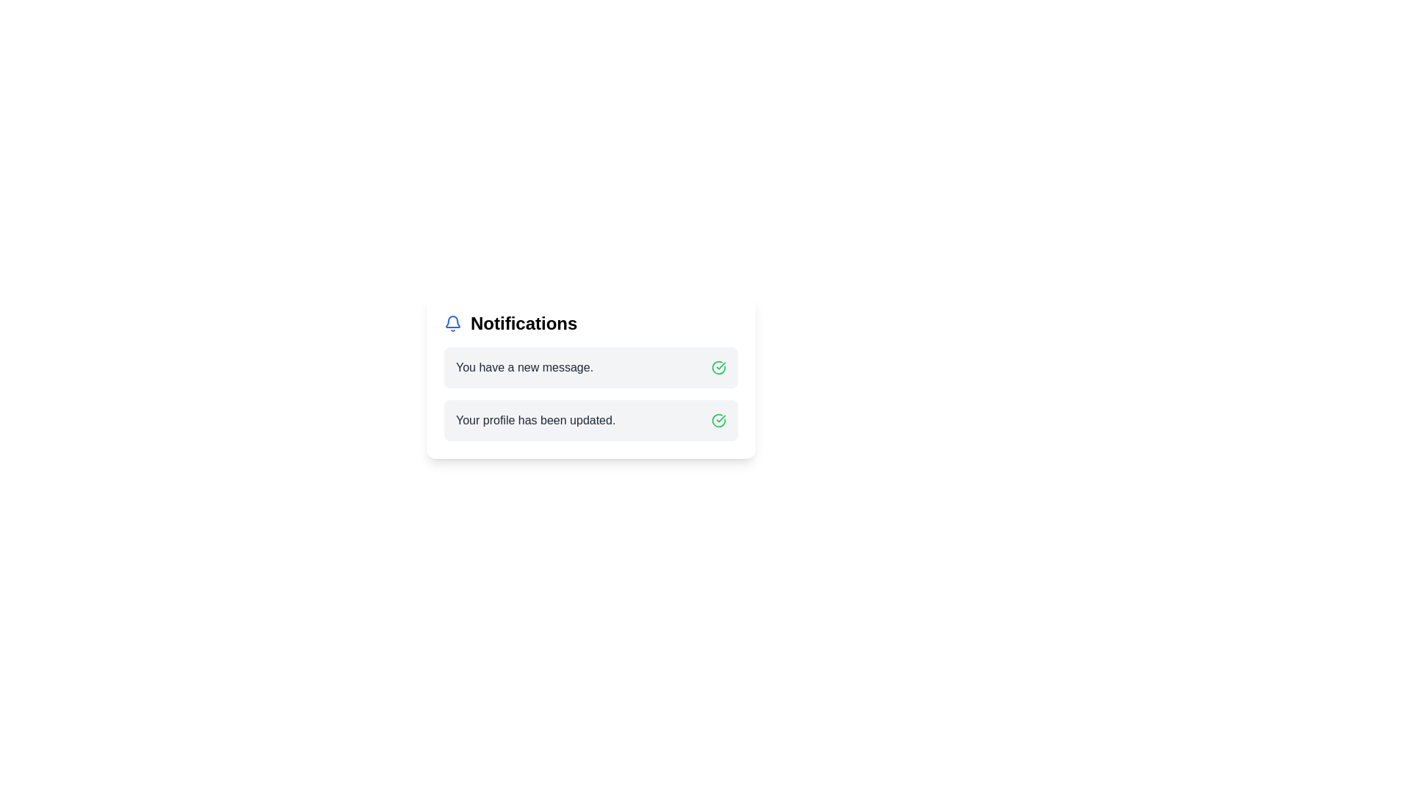 The image size is (1410, 793). I want to click on the 'Notifications' text label, which is styled with a bold and large font and is positioned to the right of a bell icon in the notification header section, so click(524, 322).